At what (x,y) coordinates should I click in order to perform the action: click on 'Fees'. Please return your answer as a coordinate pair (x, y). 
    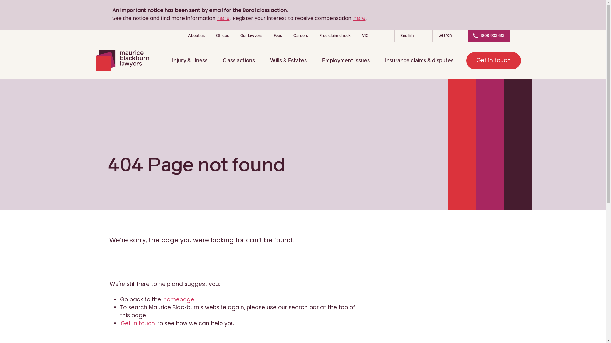
    Looking at the image, I should click on (278, 36).